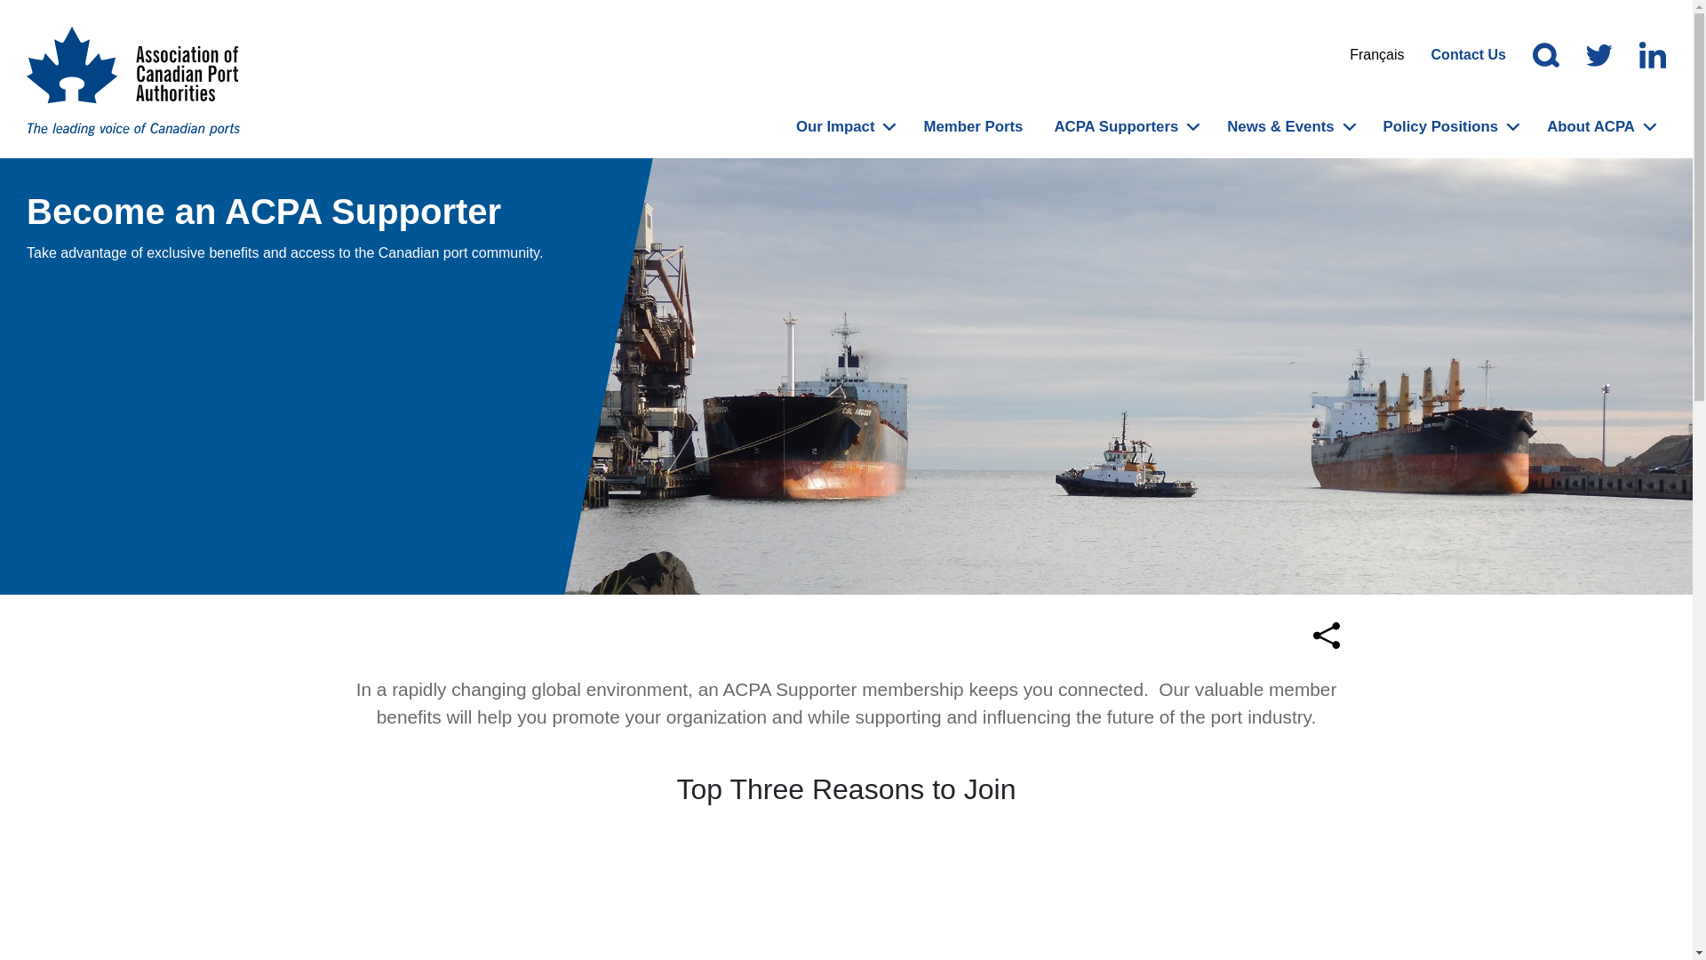 The height and width of the screenshot is (960, 1706). I want to click on 'News & Events', so click(1279, 125).